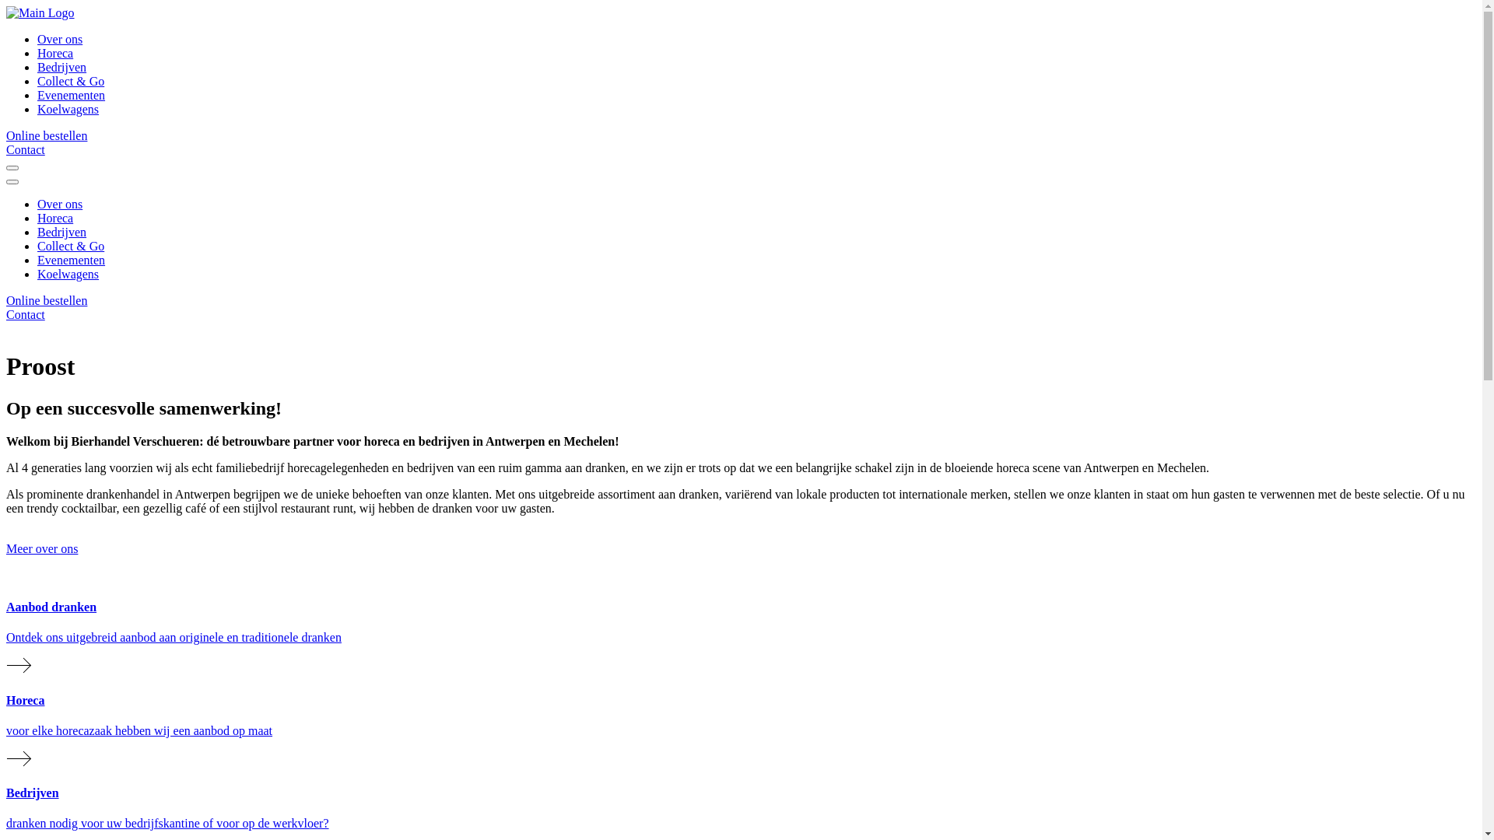  I want to click on 'Online bestellen', so click(46, 135).